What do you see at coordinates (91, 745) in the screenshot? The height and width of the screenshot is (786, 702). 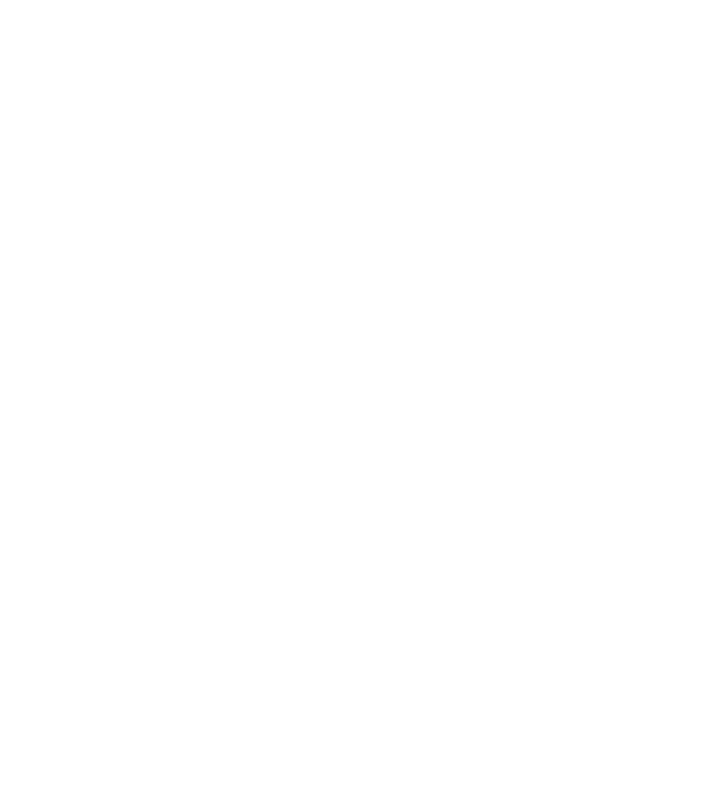 I see `'Reports'` at bounding box center [91, 745].